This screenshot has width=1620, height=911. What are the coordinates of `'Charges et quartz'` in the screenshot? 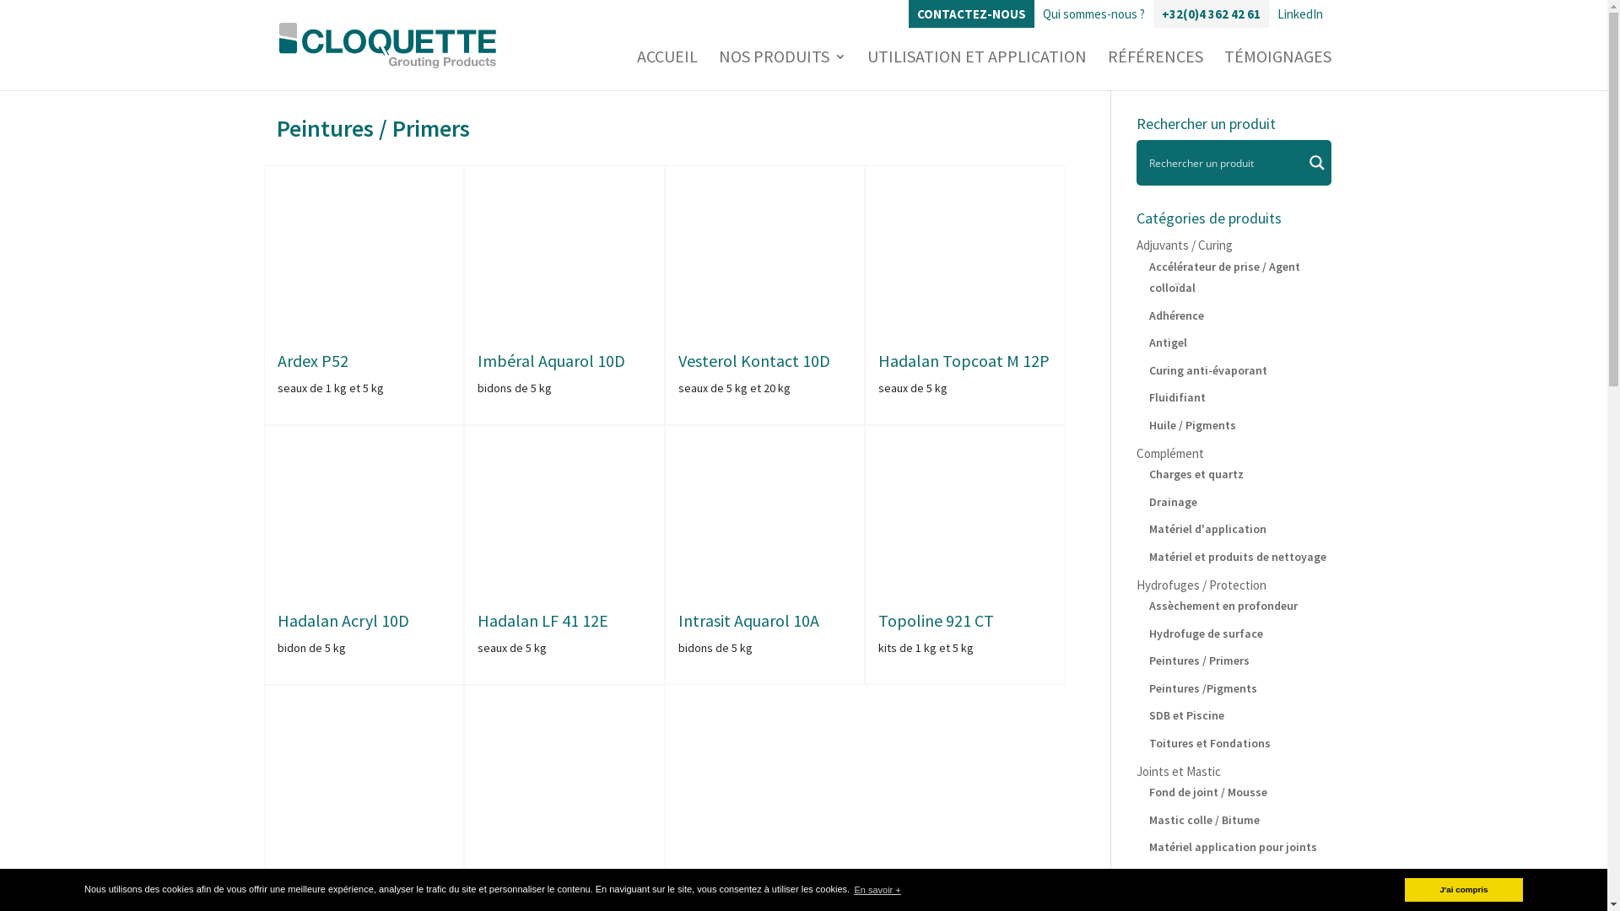 It's located at (1195, 474).